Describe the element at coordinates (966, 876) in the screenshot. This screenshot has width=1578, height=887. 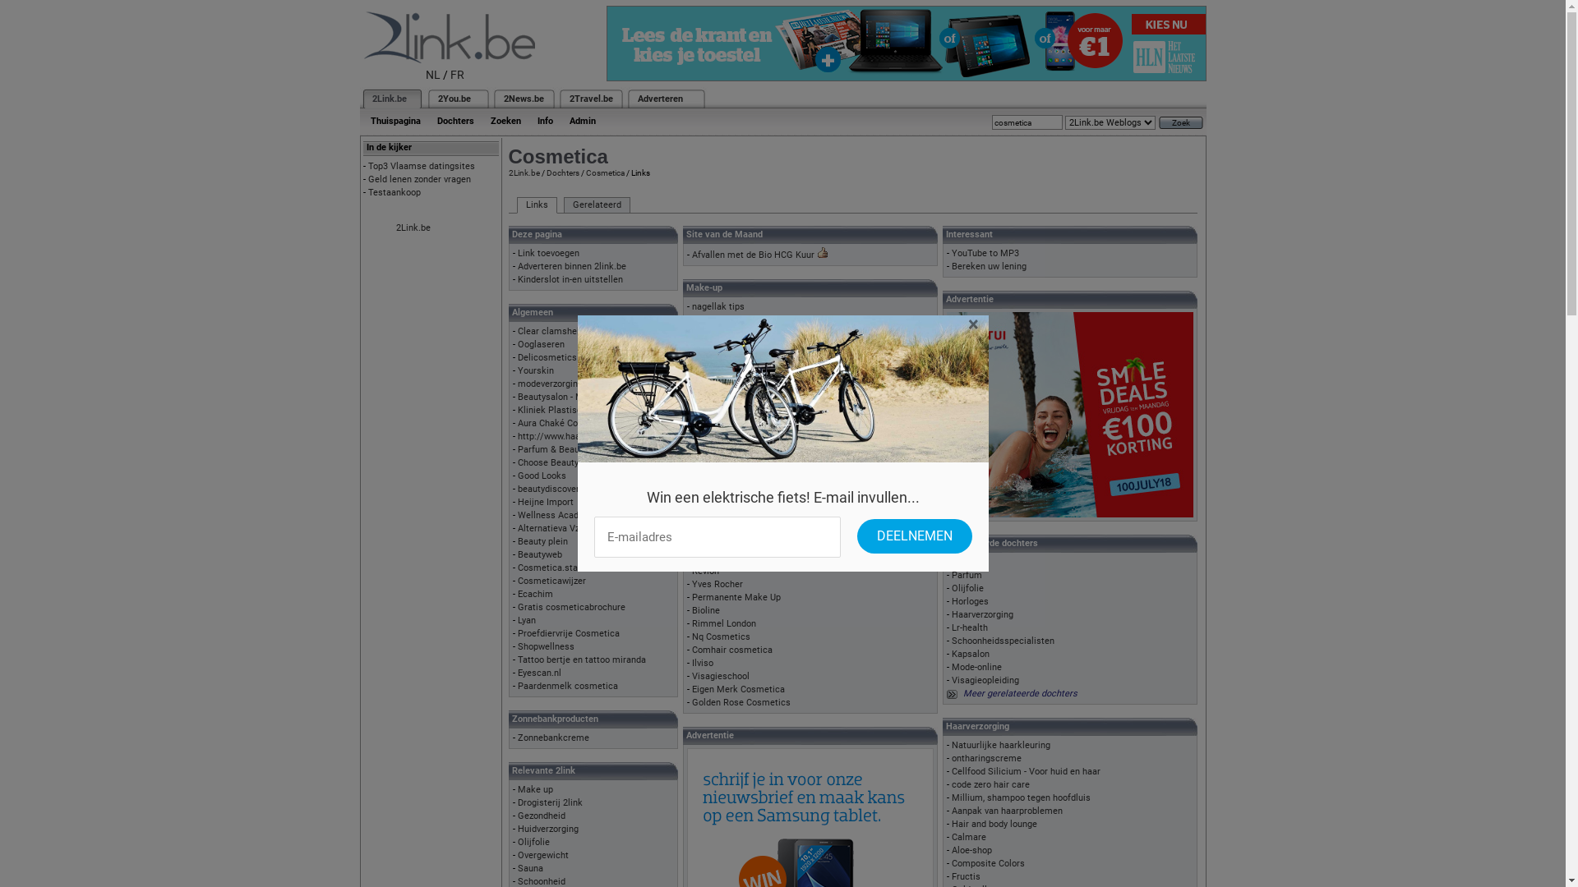
I see `'Fructis'` at that location.